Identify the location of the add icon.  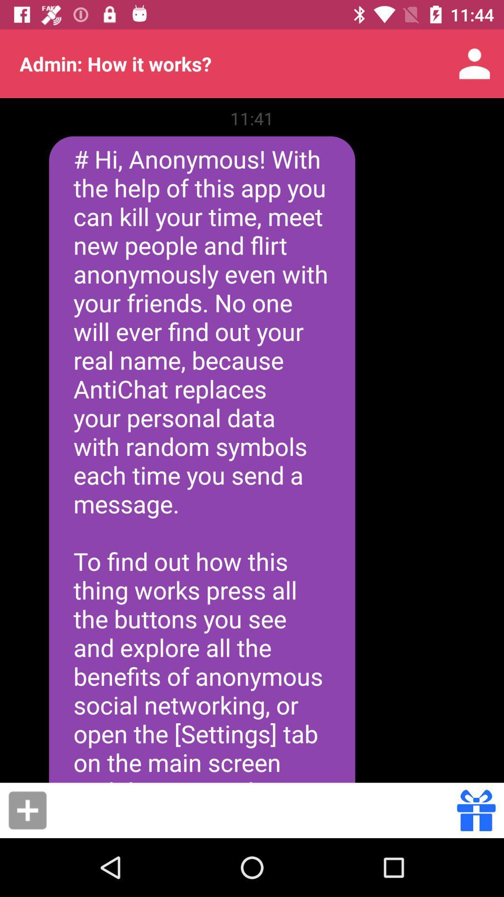
(27, 810).